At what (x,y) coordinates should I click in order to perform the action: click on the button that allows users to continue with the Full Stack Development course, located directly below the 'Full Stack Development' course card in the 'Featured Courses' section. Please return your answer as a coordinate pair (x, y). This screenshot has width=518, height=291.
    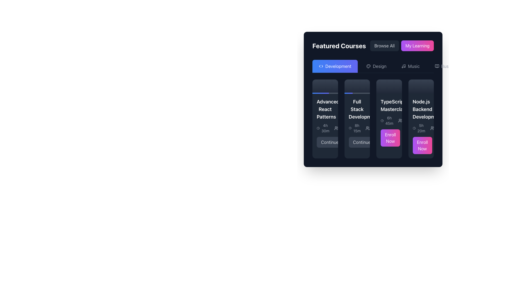
    Looking at the image, I should click on (357, 142).